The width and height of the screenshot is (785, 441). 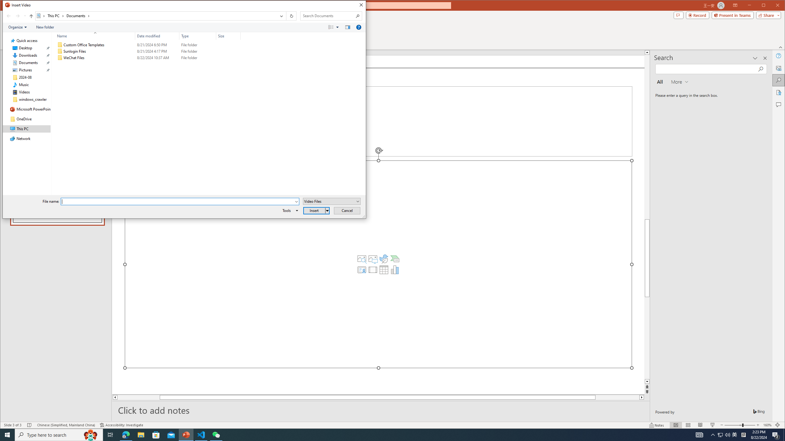 What do you see at coordinates (45, 27) in the screenshot?
I see `'New folder'` at bounding box center [45, 27].